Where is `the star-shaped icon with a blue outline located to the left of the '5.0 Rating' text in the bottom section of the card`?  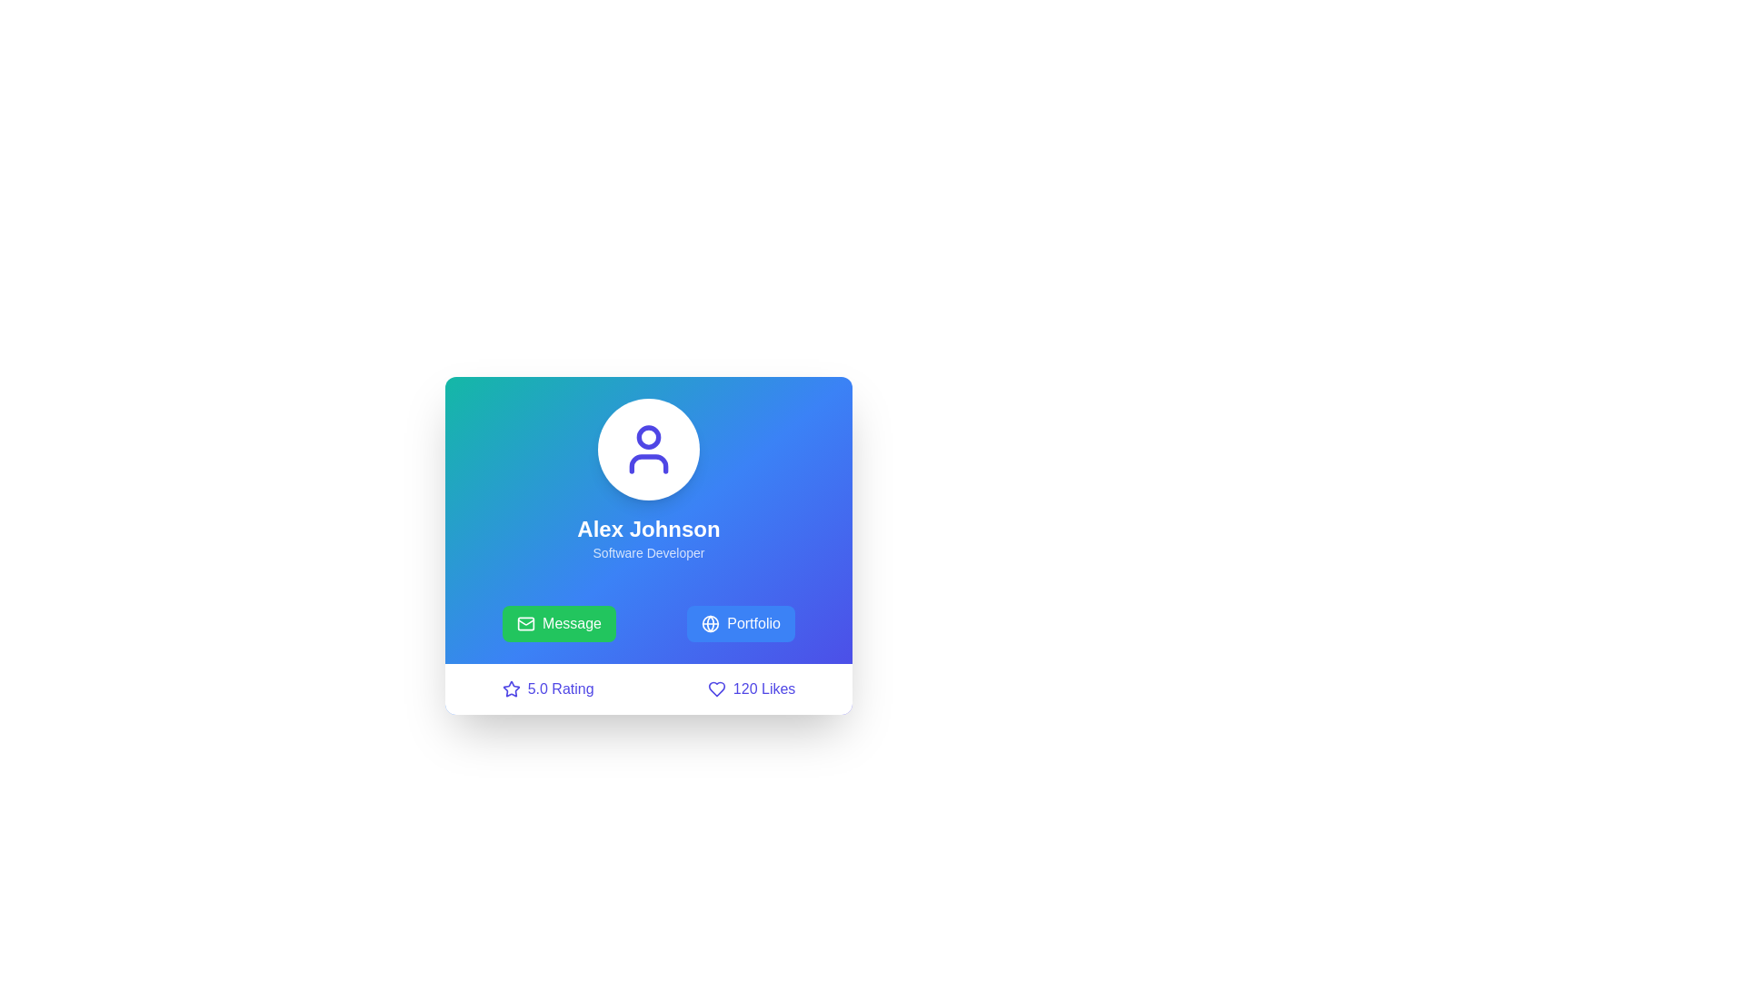
the star-shaped icon with a blue outline located to the left of the '5.0 Rating' text in the bottom section of the card is located at coordinates (510, 689).